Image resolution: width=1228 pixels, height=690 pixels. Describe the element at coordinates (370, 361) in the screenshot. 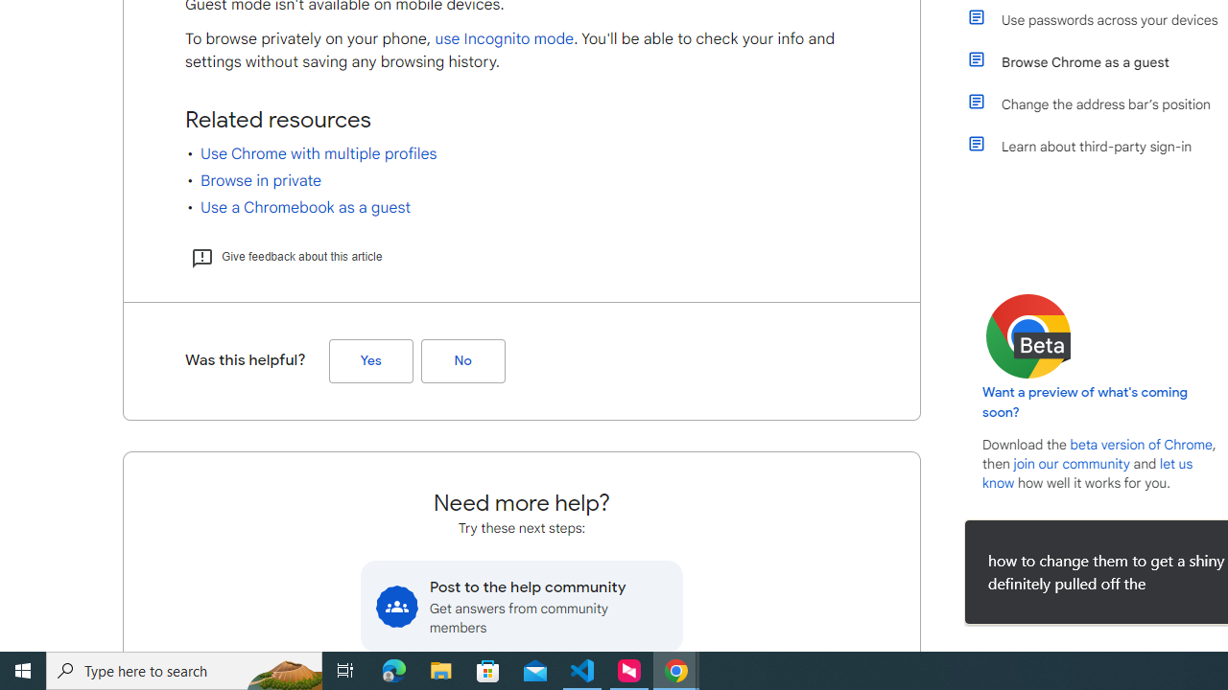

I see `'Yes (Was this helpful?)'` at that location.